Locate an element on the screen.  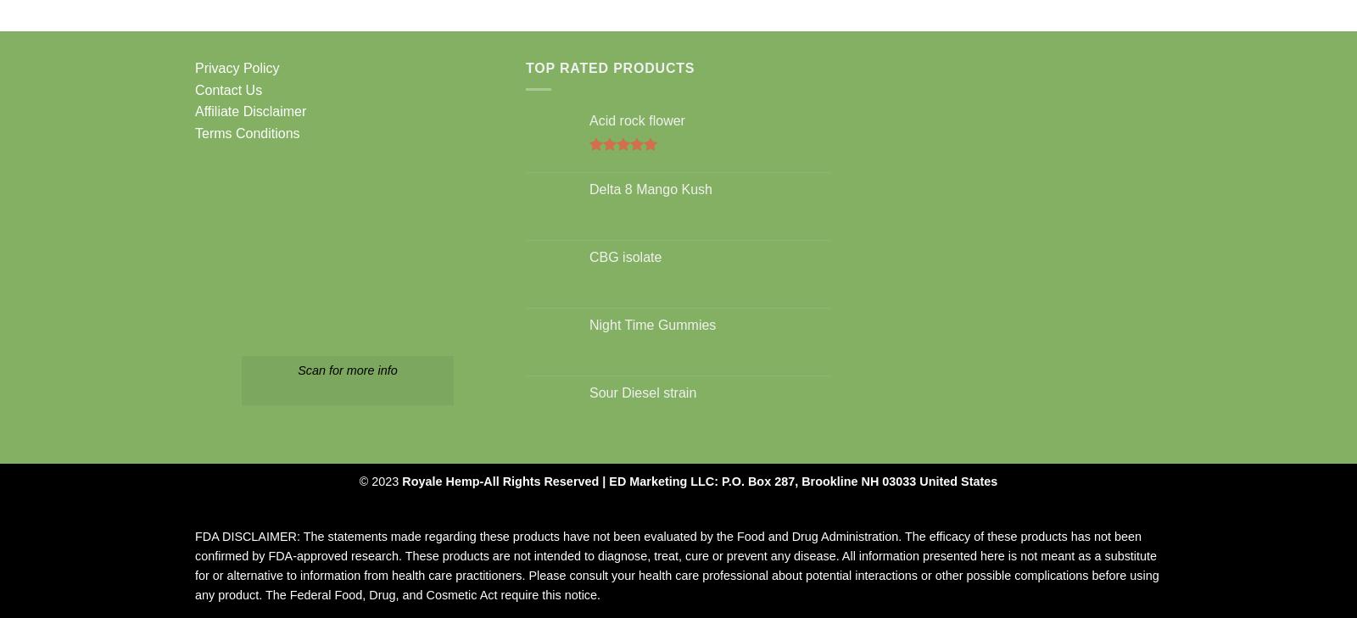
'out of 5' is located at coordinates (613, 176).